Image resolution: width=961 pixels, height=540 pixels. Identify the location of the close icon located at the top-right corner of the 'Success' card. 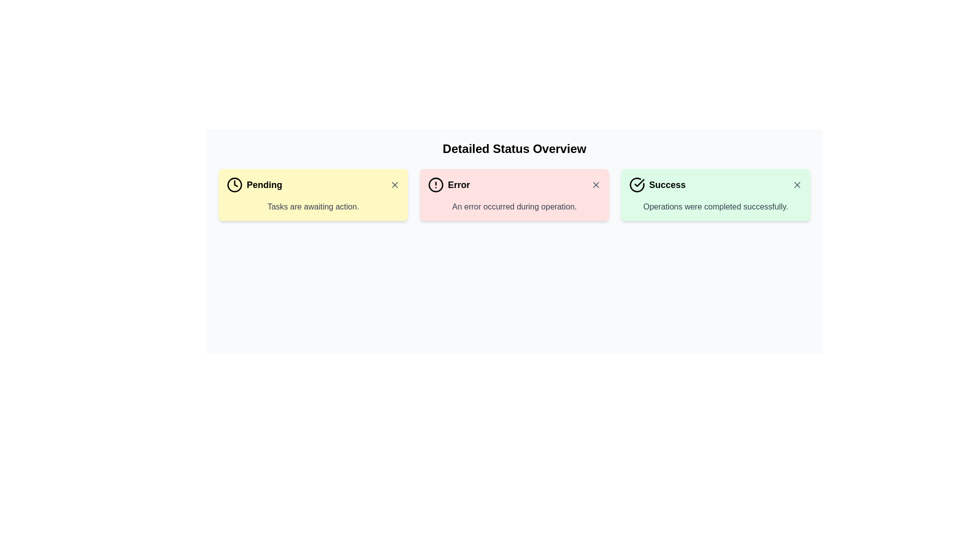
(797, 185).